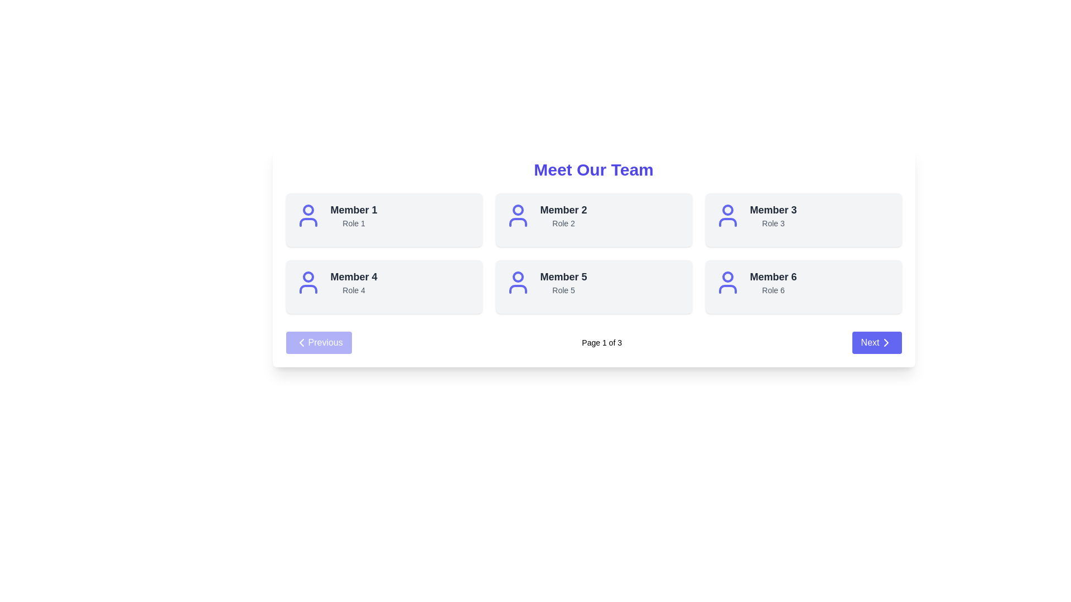 Image resolution: width=1071 pixels, height=602 pixels. What do you see at coordinates (517, 276) in the screenshot?
I see `the small circular SVG element representing the head of 'Member 5' within the team members grid` at bounding box center [517, 276].